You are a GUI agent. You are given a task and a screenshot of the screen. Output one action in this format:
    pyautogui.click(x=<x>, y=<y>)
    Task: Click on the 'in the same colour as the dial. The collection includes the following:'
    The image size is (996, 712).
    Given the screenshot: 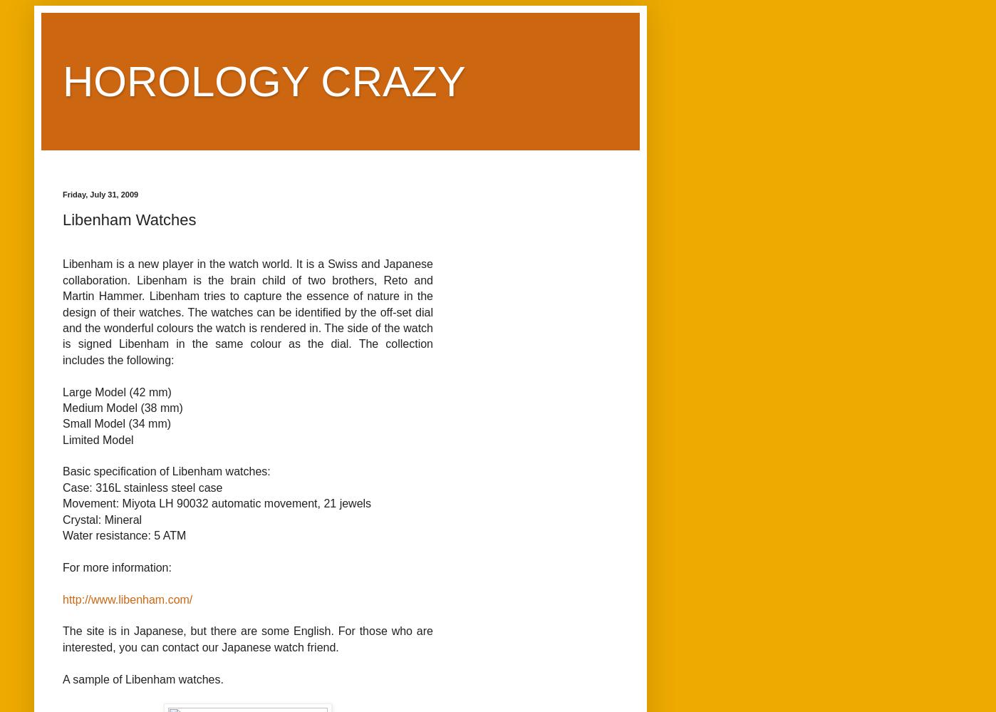 What is the action you would take?
    pyautogui.click(x=247, y=351)
    